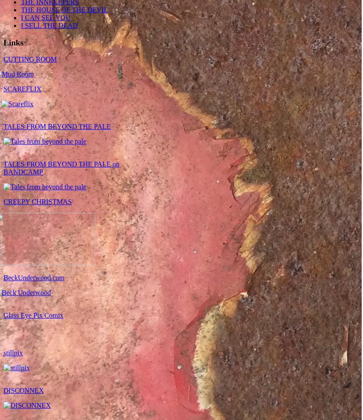 This screenshot has width=363, height=420. Describe the element at coordinates (3, 89) in the screenshot. I see `'SCAREFLIX'` at that location.